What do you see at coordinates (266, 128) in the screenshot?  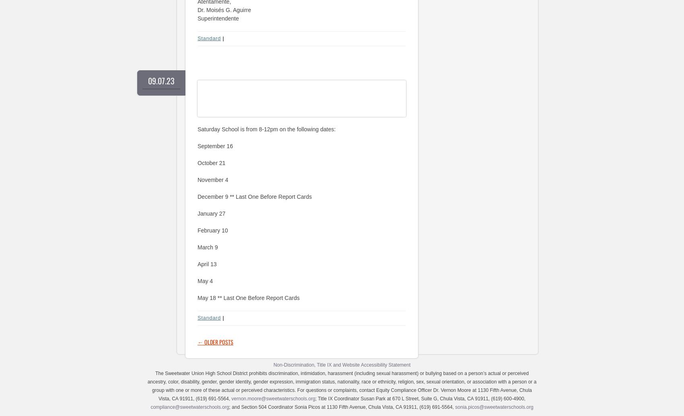 I see `'Saturday School is from 8-12pm on the following dates:'` at bounding box center [266, 128].